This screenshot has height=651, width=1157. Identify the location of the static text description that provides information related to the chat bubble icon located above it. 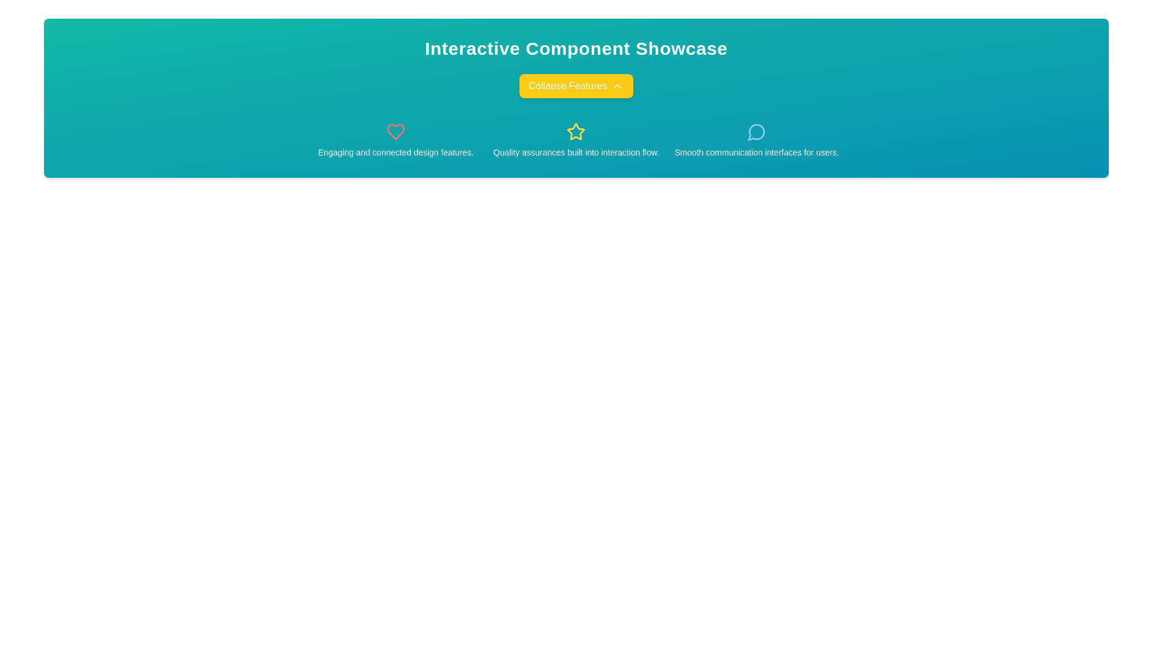
(756, 152).